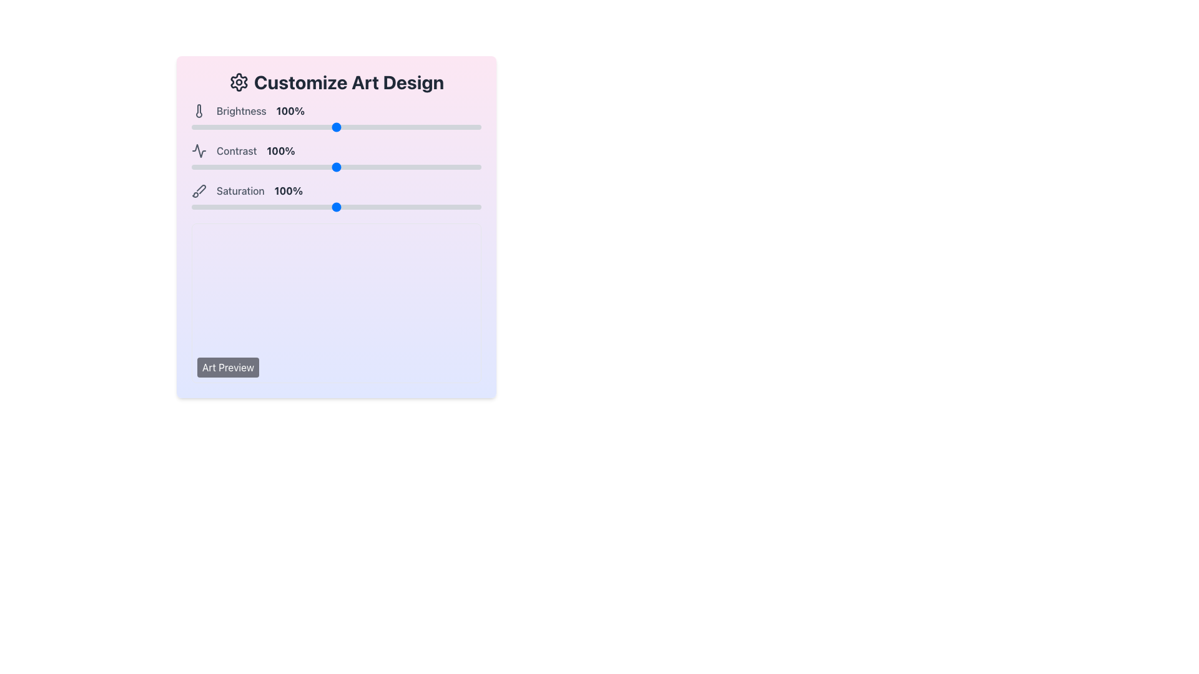  Describe the element at coordinates (472, 166) in the screenshot. I see `the contrast level` at that location.